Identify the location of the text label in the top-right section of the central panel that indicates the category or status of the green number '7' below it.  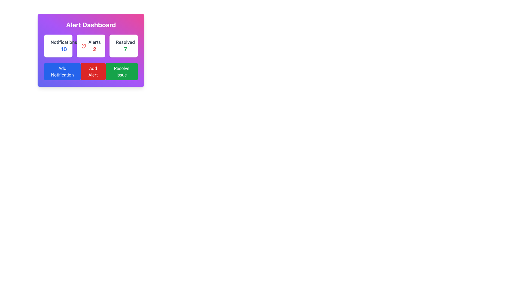
(125, 42).